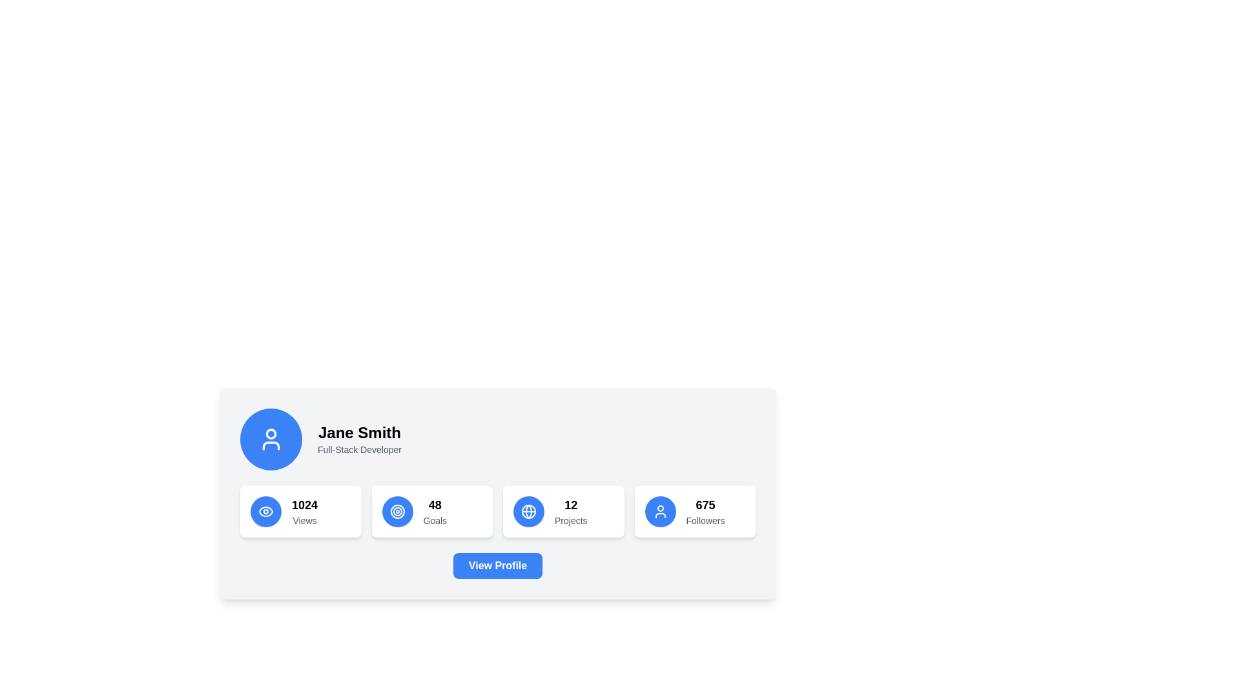 The height and width of the screenshot is (697, 1240). Describe the element at coordinates (435, 511) in the screenshot. I see `the '48 Goals' text in the Statistical Display` at that location.